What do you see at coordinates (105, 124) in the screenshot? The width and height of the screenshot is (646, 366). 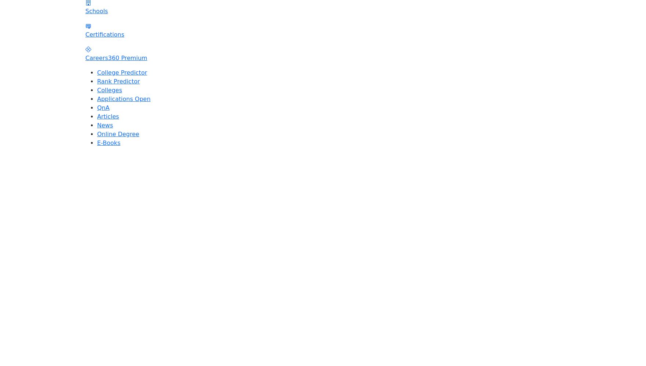 I see `'News'` at bounding box center [105, 124].